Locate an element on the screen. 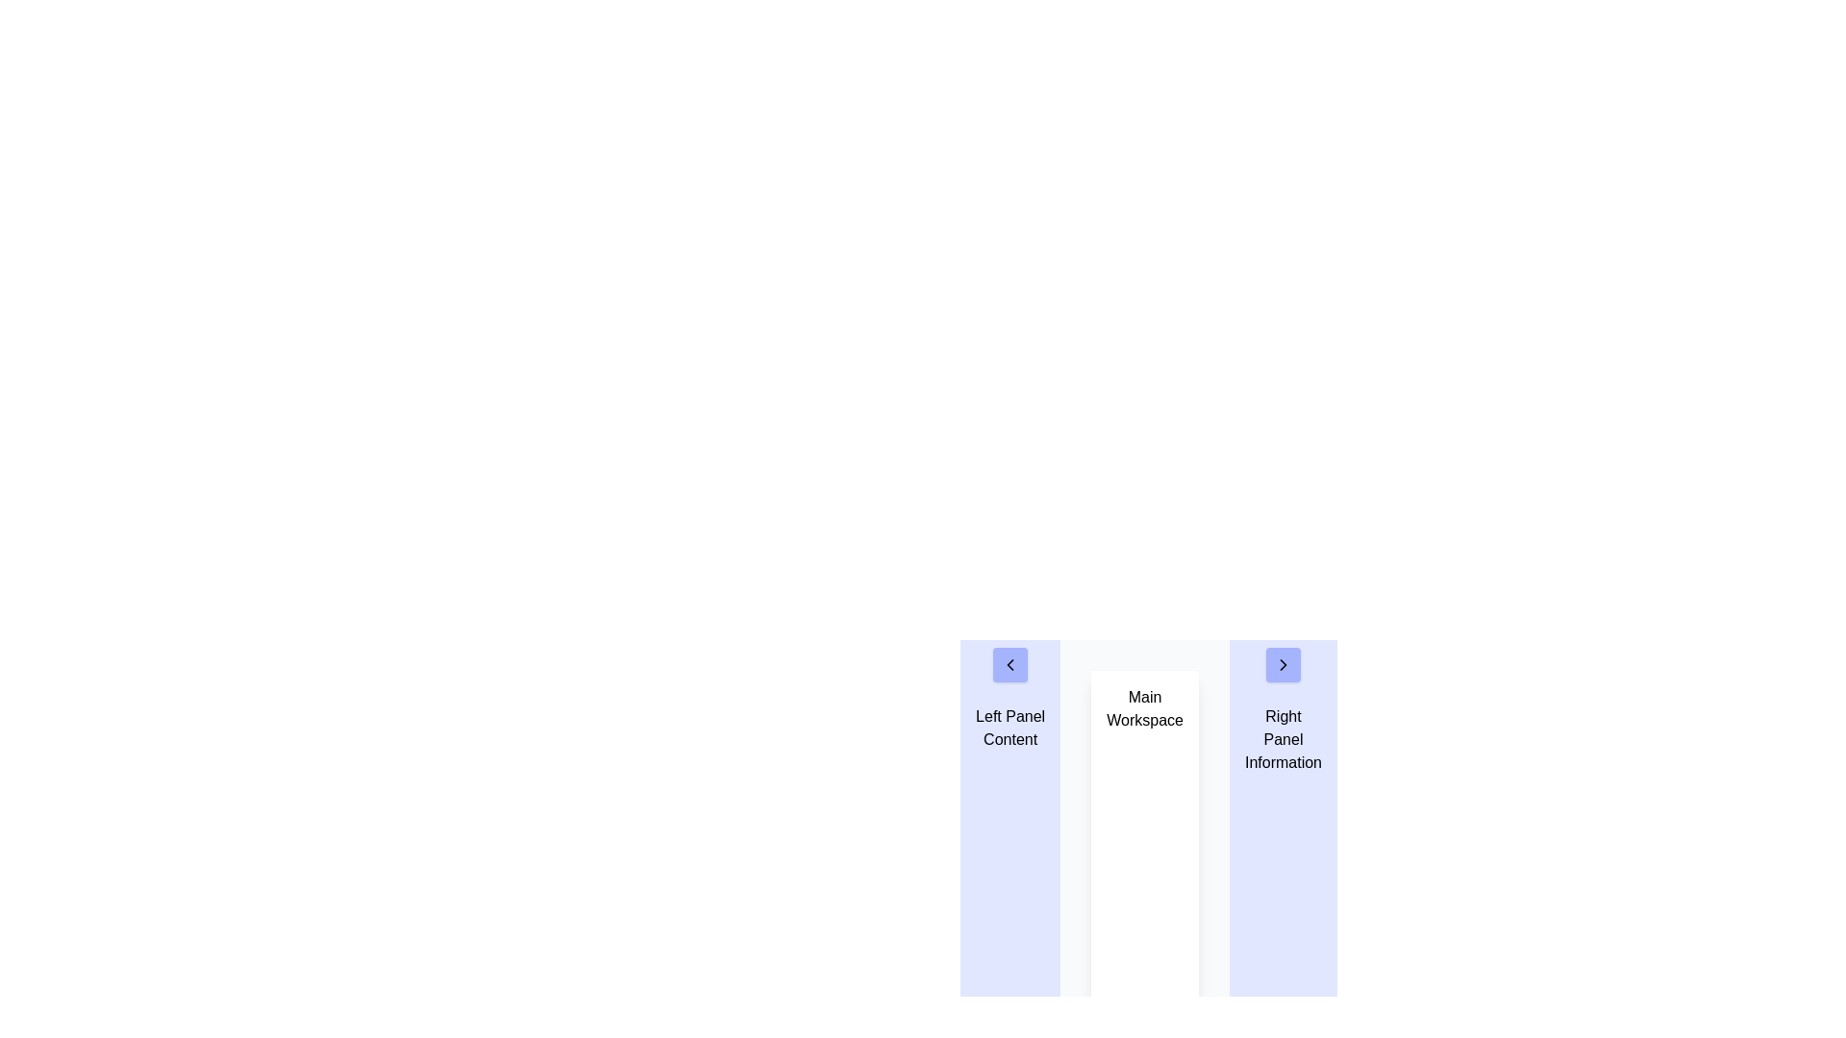  the informational header or title text block located in the upper portion of the right panel, which provides context for this section is located at coordinates (1283, 739).